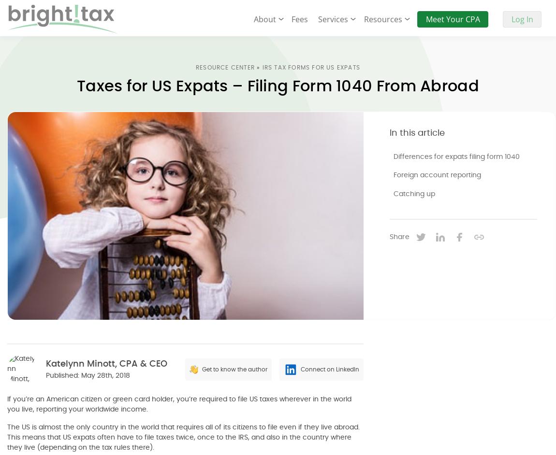 The height and width of the screenshot is (455, 556). I want to click on 'IRS Tax Forms For US Expats', so click(310, 67).